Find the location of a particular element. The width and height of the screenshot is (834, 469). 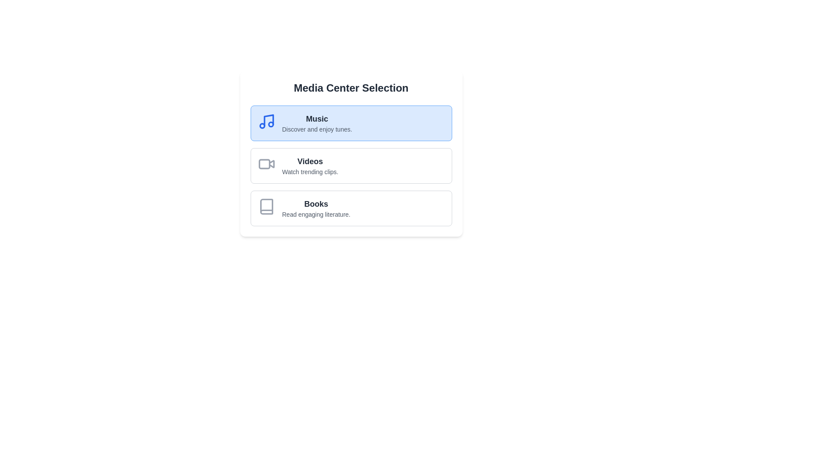

the artistic detail of the 'Music' theme icon located in the leftmost position of the 'Music' section's title is located at coordinates (268, 120).